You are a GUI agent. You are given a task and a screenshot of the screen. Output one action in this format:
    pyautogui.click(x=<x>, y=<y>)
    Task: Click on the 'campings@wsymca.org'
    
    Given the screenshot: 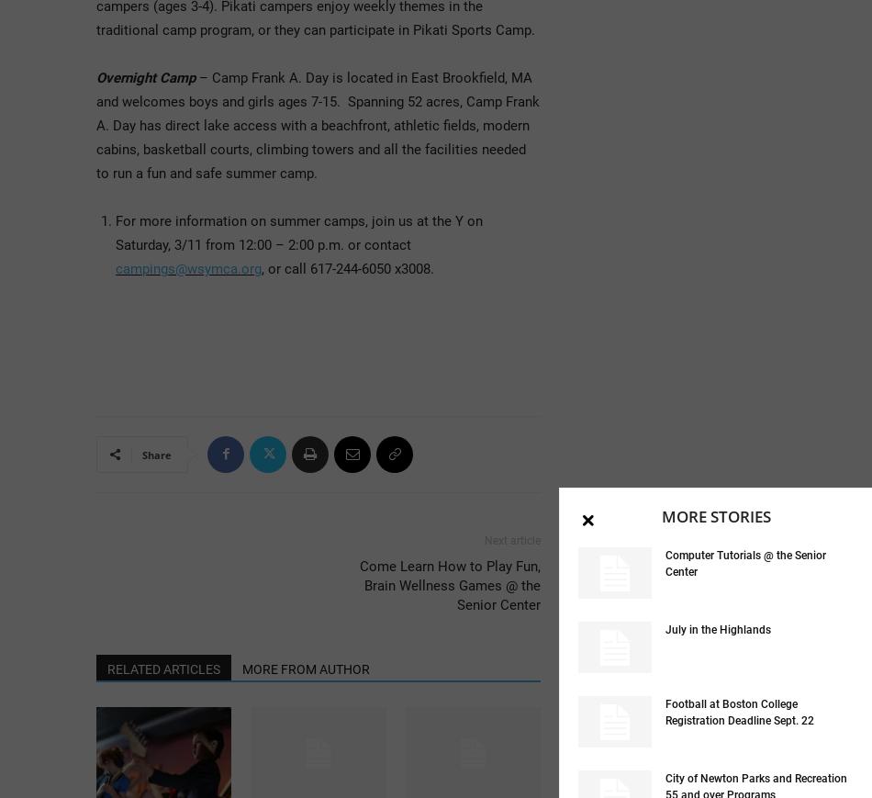 What is the action you would take?
    pyautogui.click(x=188, y=268)
    